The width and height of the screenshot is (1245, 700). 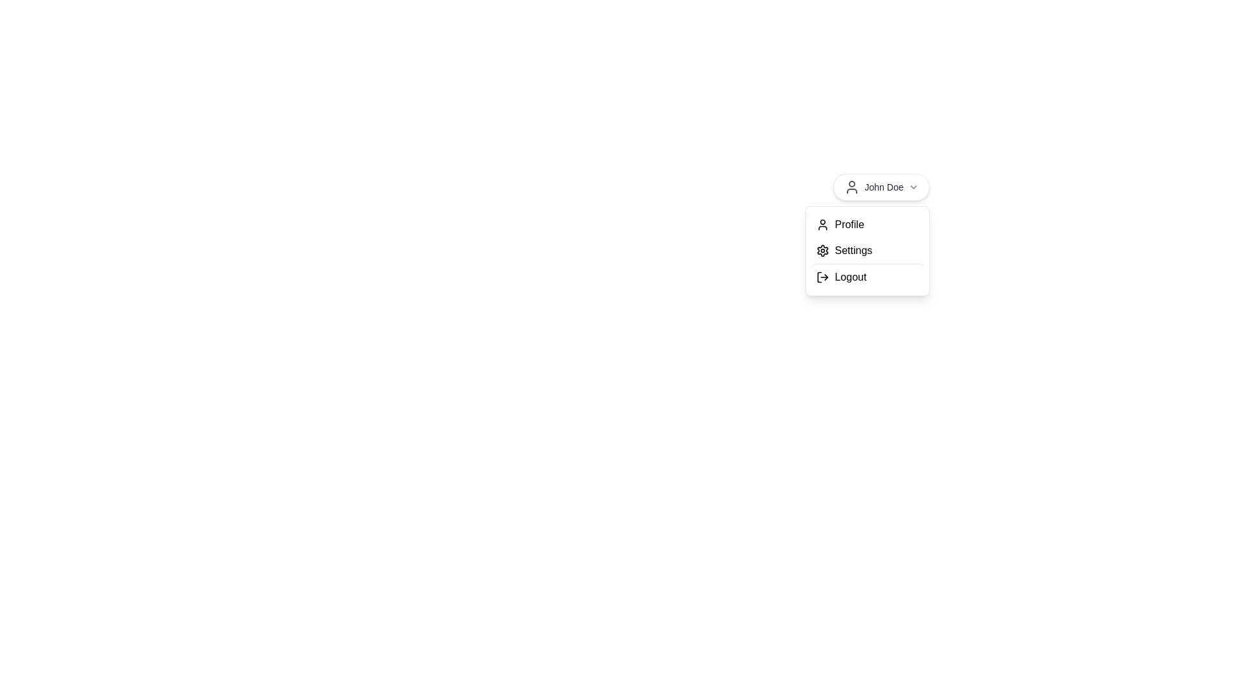 What do you see at coordinates (822, 250) in the screenshot?
I see `the visual representation of the outer gear shape of the settings icon, which is located to the right of the 'Profile' option and above the 'Logout' option in the dropdown menu under the user name 'John Doe'` at bounding box center [822, 250].